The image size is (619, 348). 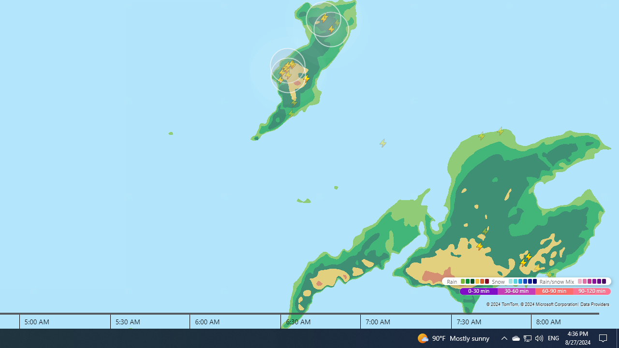 I want to click on 'Q2790: 100%', so click(x=527, y=337).